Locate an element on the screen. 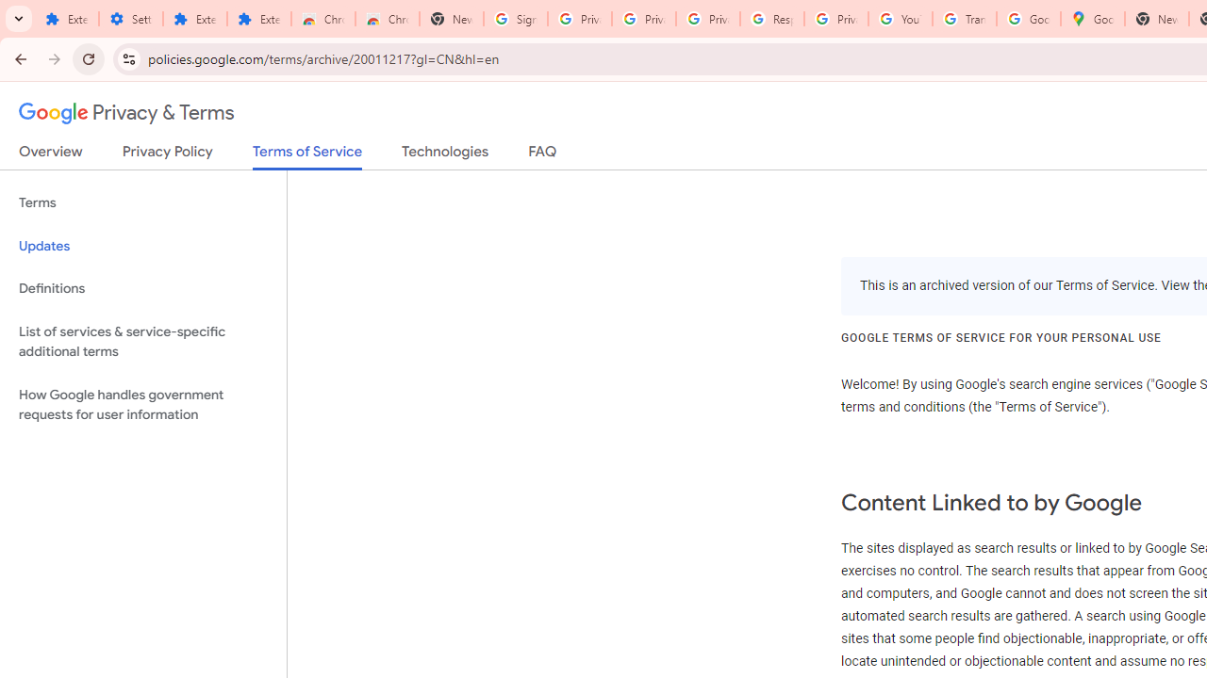  'How Google handles government requests for user information' is located at coordinates (142, 403).